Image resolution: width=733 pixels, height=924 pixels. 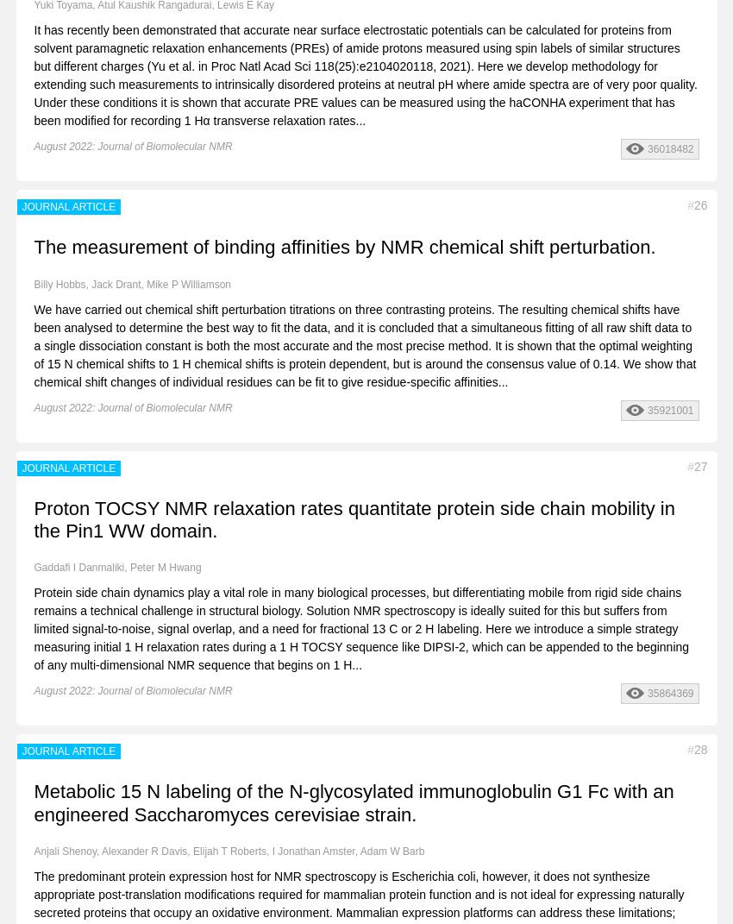 What do you see at coordinates (364, 345) in the screenshot?
I see `'We have carried out chemical shift perturbation titrations on three contrasting proteins. The resulting chemical shifts have been analysed to determine the best way to fit the data, and it is concluded that a simultaneous fitting of all raw shift data to a single dissociation constant is both the most accurate and the most precise method. It is shown that the optimal weighting of 15 N chemical shifts to 1 H chemical shifts is protein dependent, but is around the consensus value of 0.14. We show that chemical shift changes of individual residues can be fit to give residue-specific affinities...'` at bounding box center [364, 345].